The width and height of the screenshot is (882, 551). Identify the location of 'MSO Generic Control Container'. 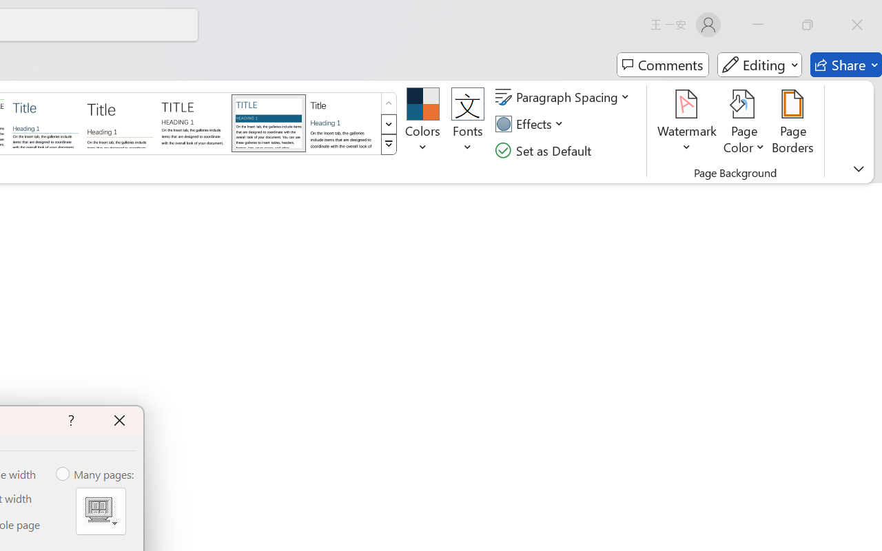
(100, 511).